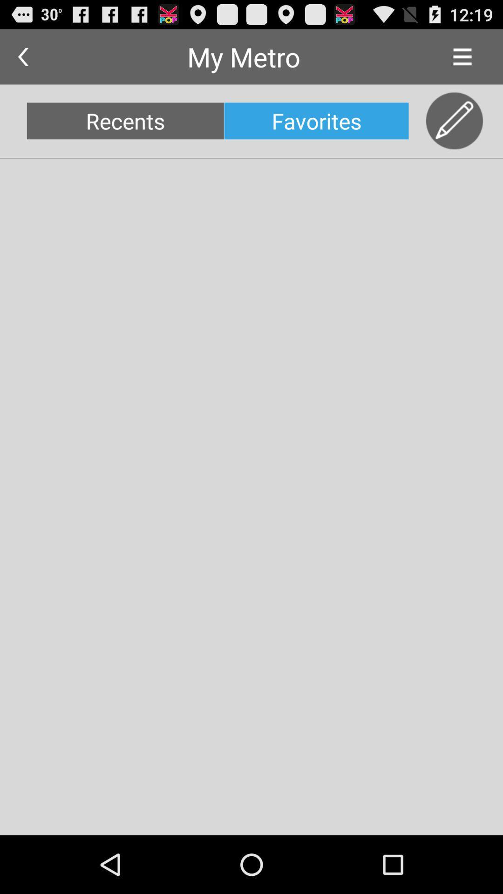 The image size is (503, 894). What do you see at coordinates (454, 121) in the screenshot?
I see `item to the right of favorites icon` at bounding box center [454, 121].